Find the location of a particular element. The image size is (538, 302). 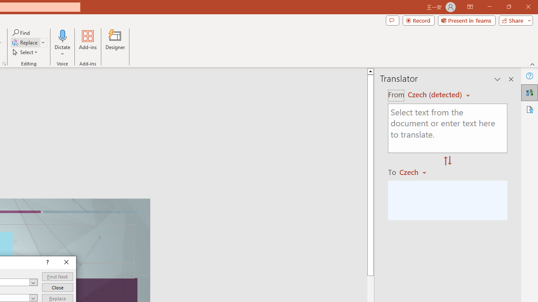

'Context help' is located at coordinates (46, 262).